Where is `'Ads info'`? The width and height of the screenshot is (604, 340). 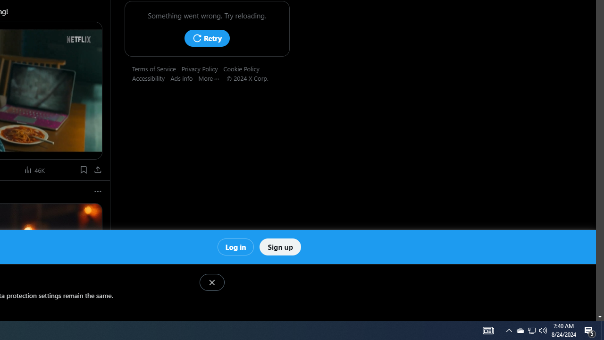
'Ads info' is located at coordinates (185, 77).